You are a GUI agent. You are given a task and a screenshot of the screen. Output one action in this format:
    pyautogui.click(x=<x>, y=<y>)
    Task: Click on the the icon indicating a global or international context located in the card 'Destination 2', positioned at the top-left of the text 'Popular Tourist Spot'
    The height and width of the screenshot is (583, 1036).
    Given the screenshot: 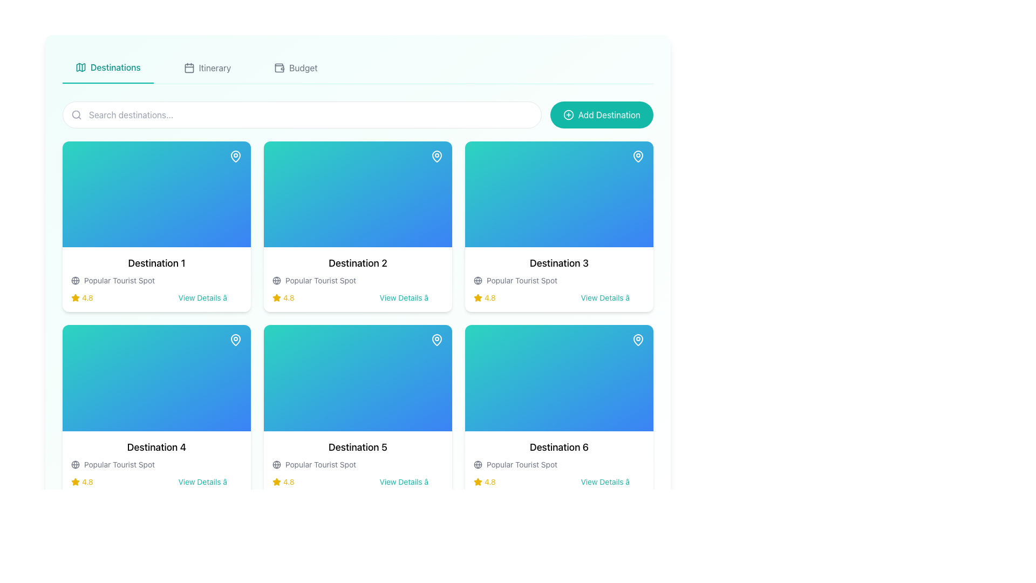 What is the action you would take?
    pyautogui.click(x=277, y=280)
    